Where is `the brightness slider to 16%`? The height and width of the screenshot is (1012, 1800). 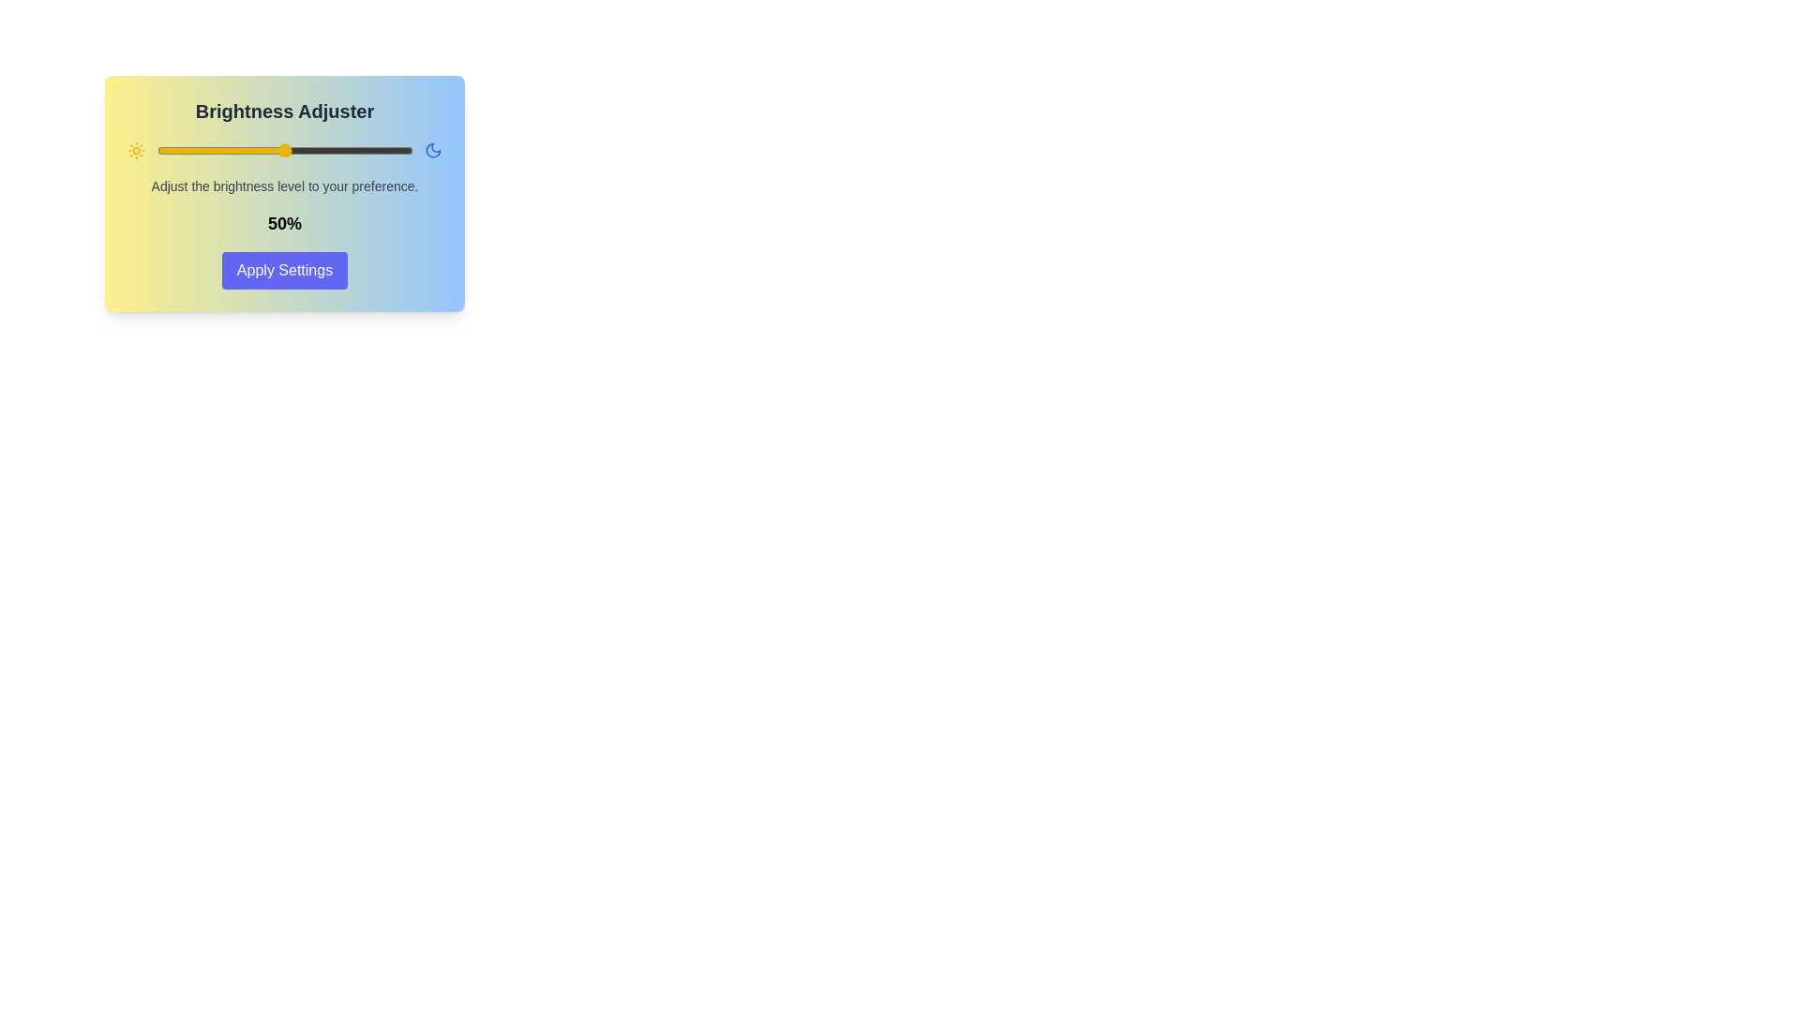
the brightness slider to 16% is located at coordinates (198, 150).